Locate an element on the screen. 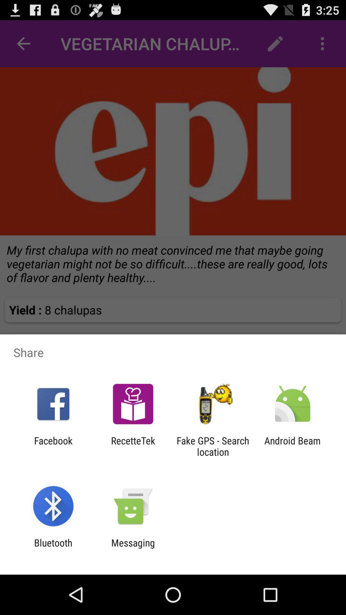  the facebook item is located at coordinates (53, 446).